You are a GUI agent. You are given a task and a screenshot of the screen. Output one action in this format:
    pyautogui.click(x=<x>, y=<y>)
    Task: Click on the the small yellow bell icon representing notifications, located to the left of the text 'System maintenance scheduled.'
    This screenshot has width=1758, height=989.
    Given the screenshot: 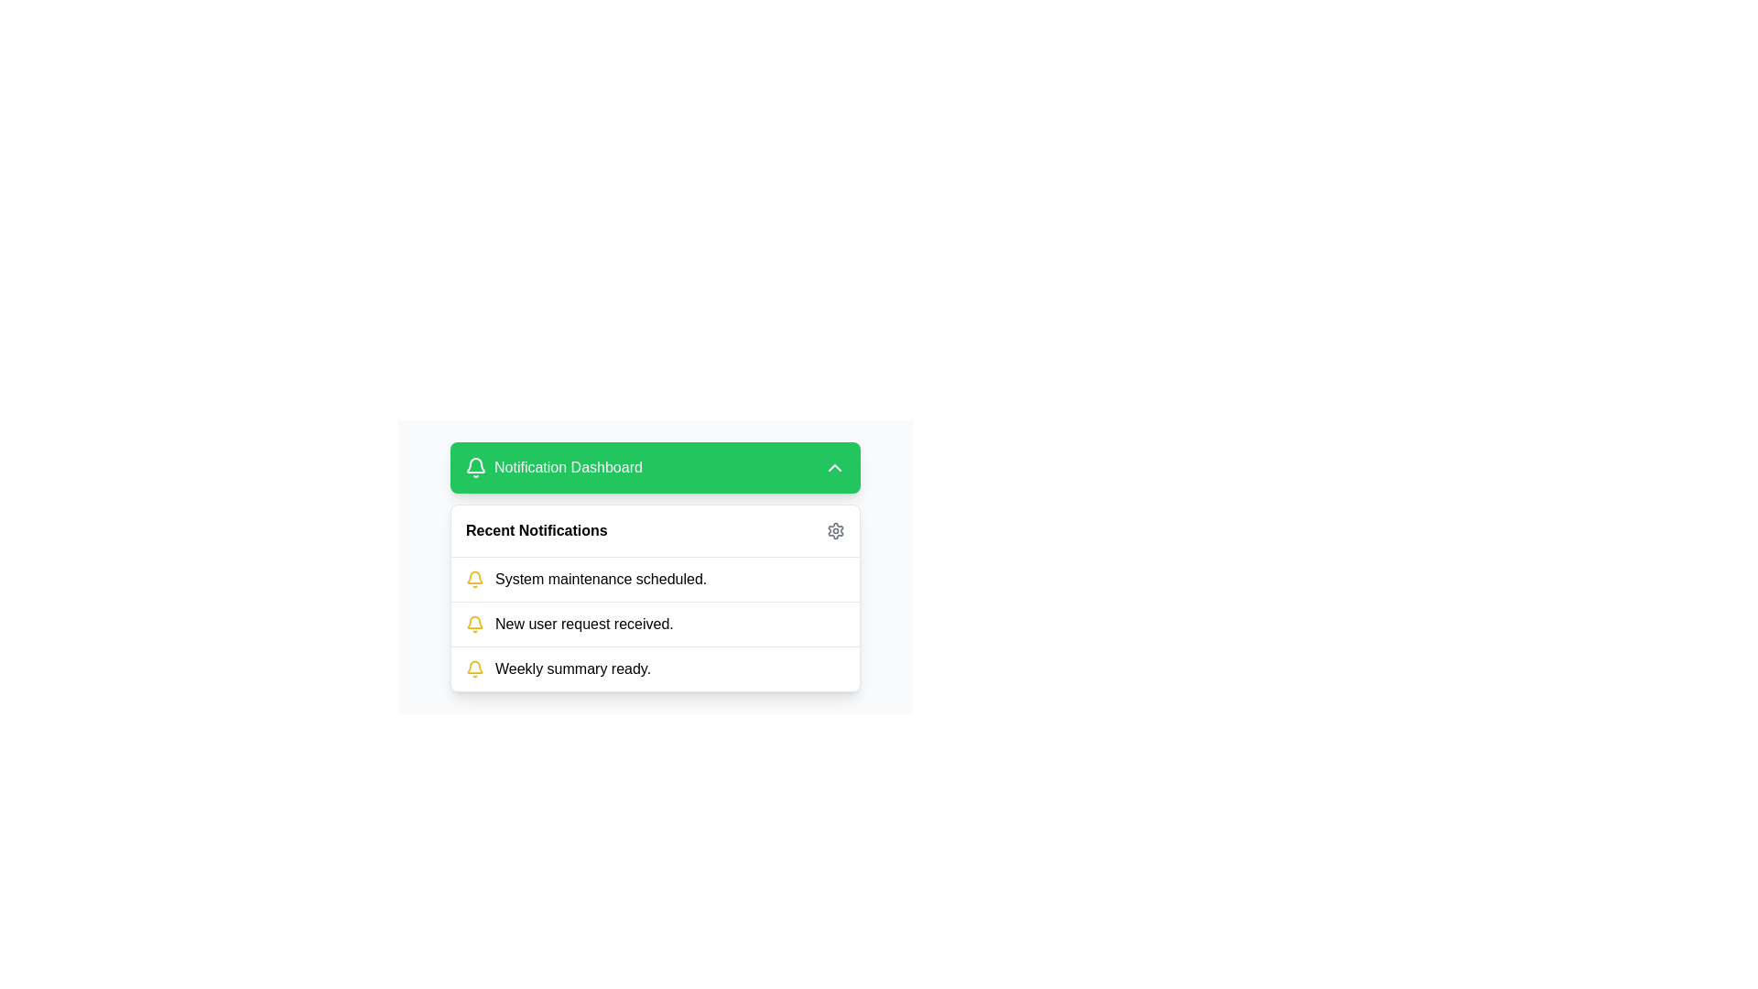 What is the action you would take?
    pyautogui.click(x=474, y=579)
    